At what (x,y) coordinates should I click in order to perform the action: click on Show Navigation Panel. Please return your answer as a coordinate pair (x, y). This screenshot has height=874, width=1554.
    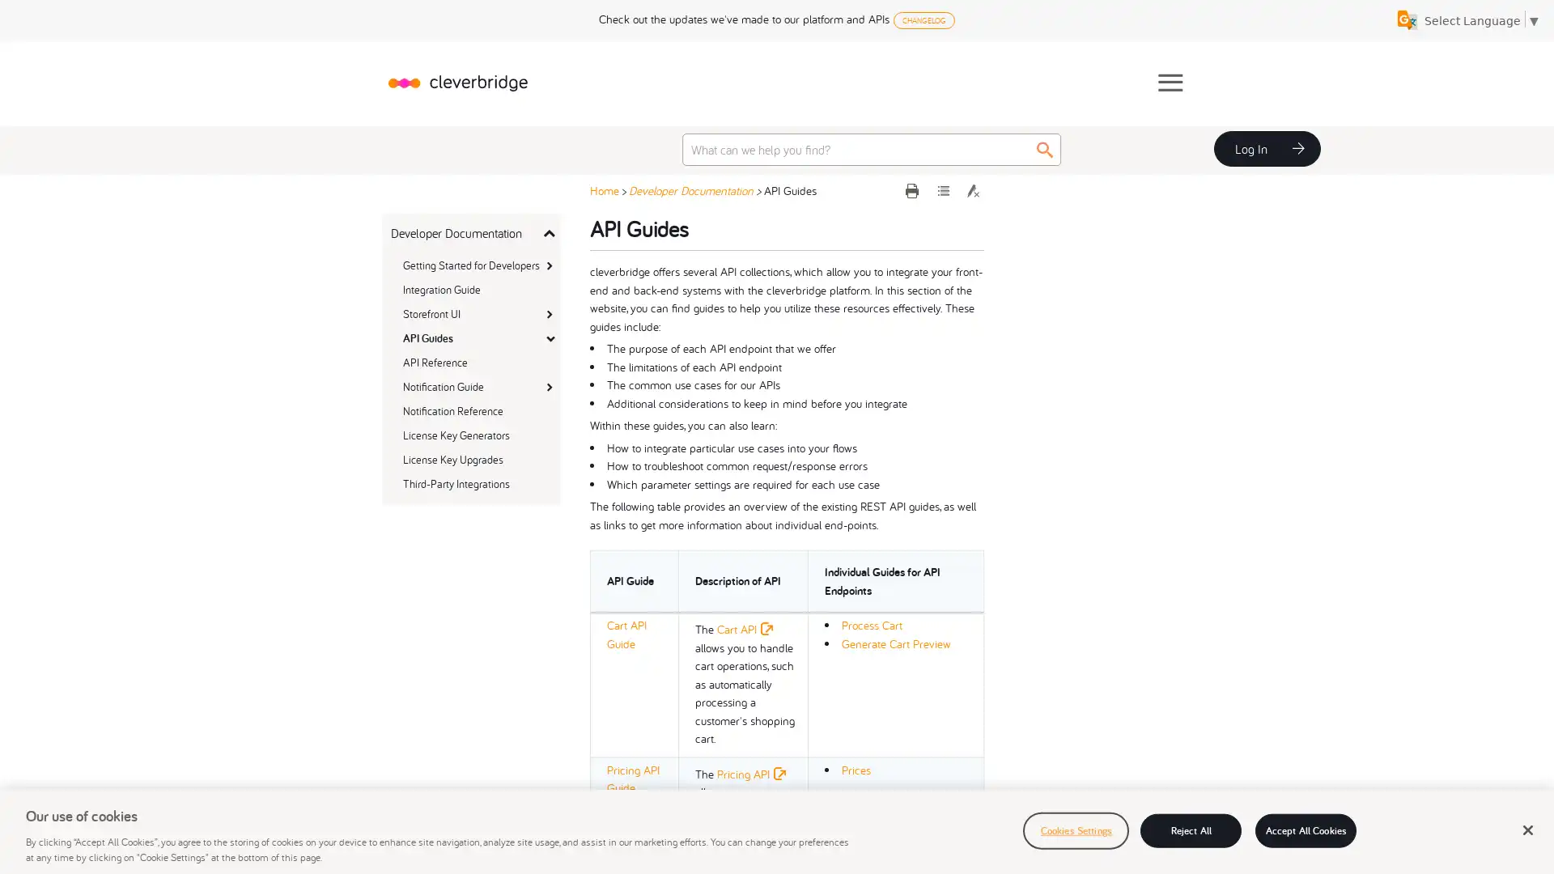
    Looking at the image, I should click on (1170, 82).